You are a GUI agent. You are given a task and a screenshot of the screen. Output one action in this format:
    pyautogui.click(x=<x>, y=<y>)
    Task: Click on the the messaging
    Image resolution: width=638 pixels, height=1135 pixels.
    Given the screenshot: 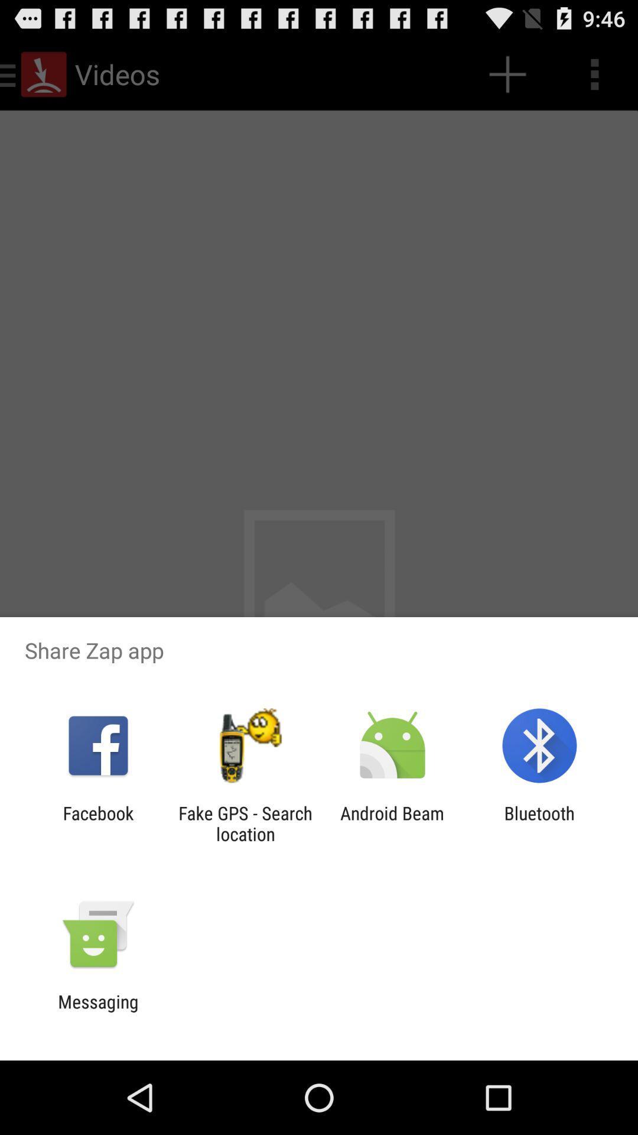 What is the action you would take?
    pyautogui.click(x=97, y=1011)
    